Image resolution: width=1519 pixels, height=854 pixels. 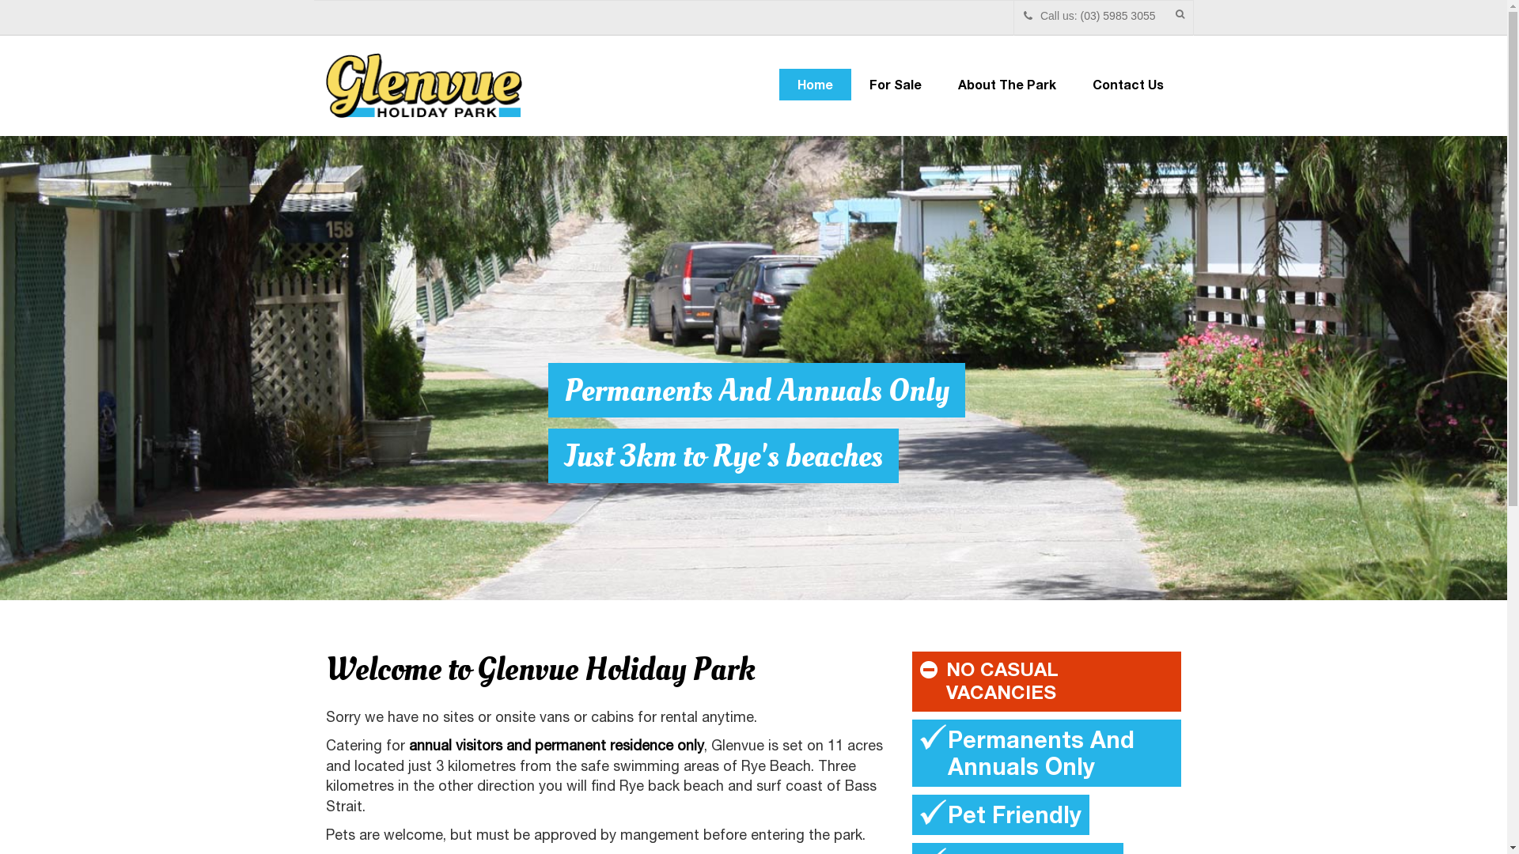 What do you see at coordinates (940, 85) in the screenshot?
I see `'About The Park'` at bounding box center [940, 85].